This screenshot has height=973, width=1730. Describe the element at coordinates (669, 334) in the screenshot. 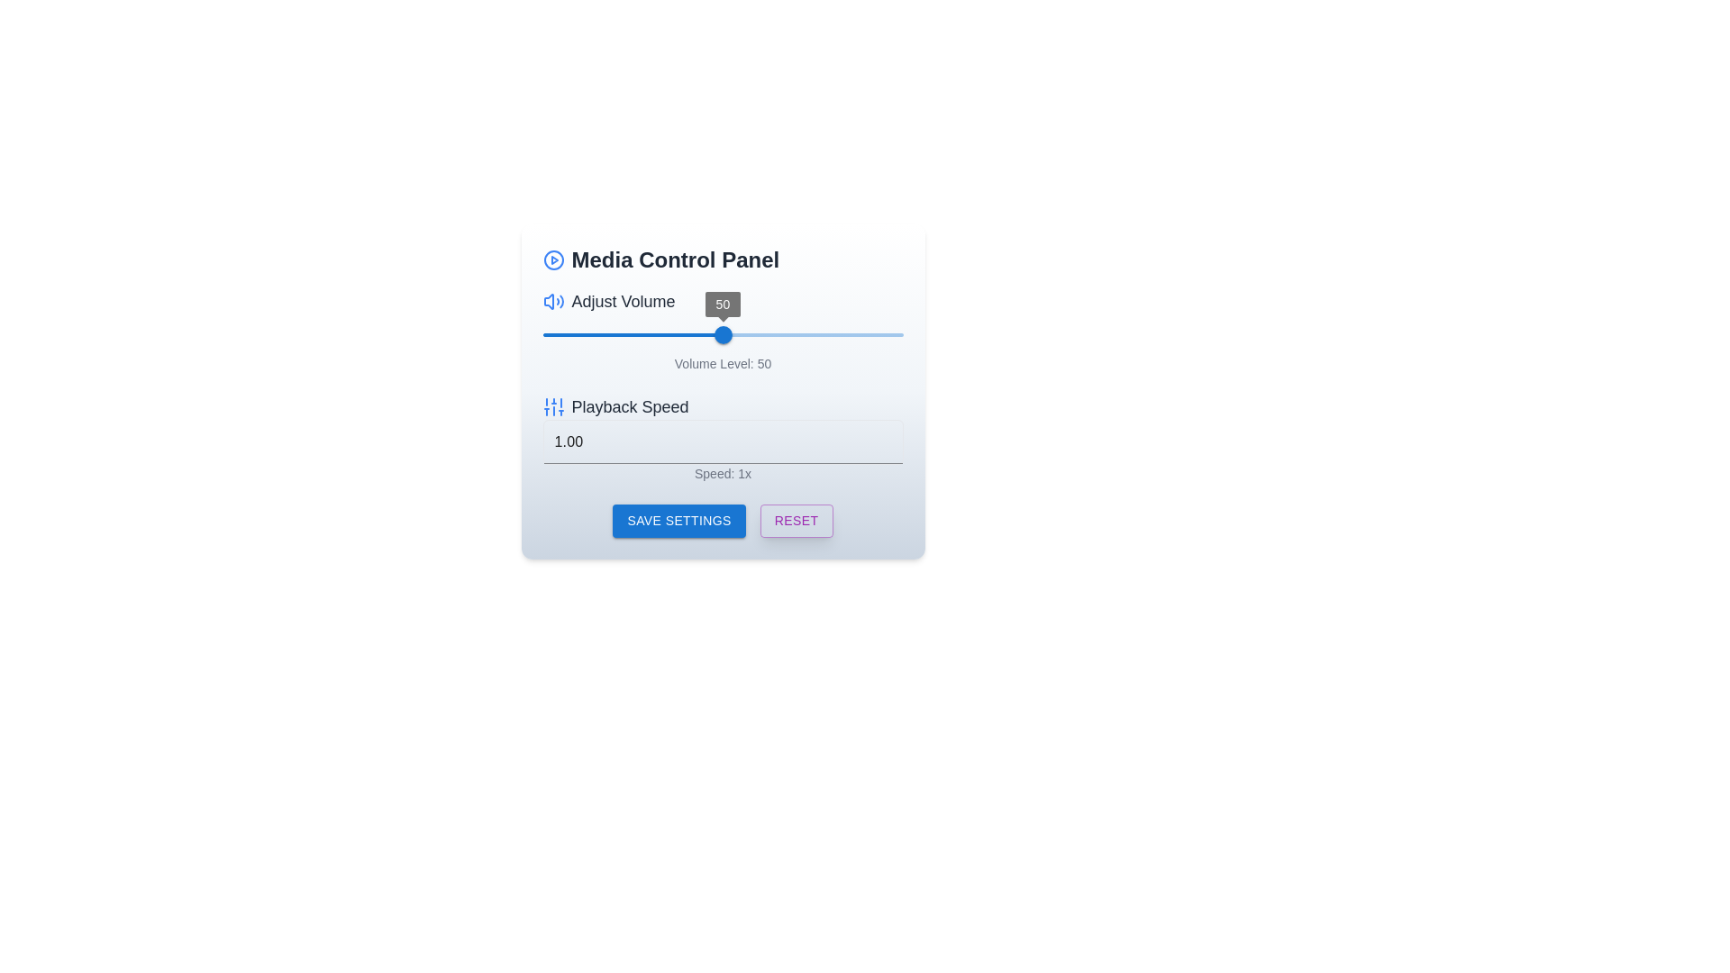

I see `the volume level` at that location.